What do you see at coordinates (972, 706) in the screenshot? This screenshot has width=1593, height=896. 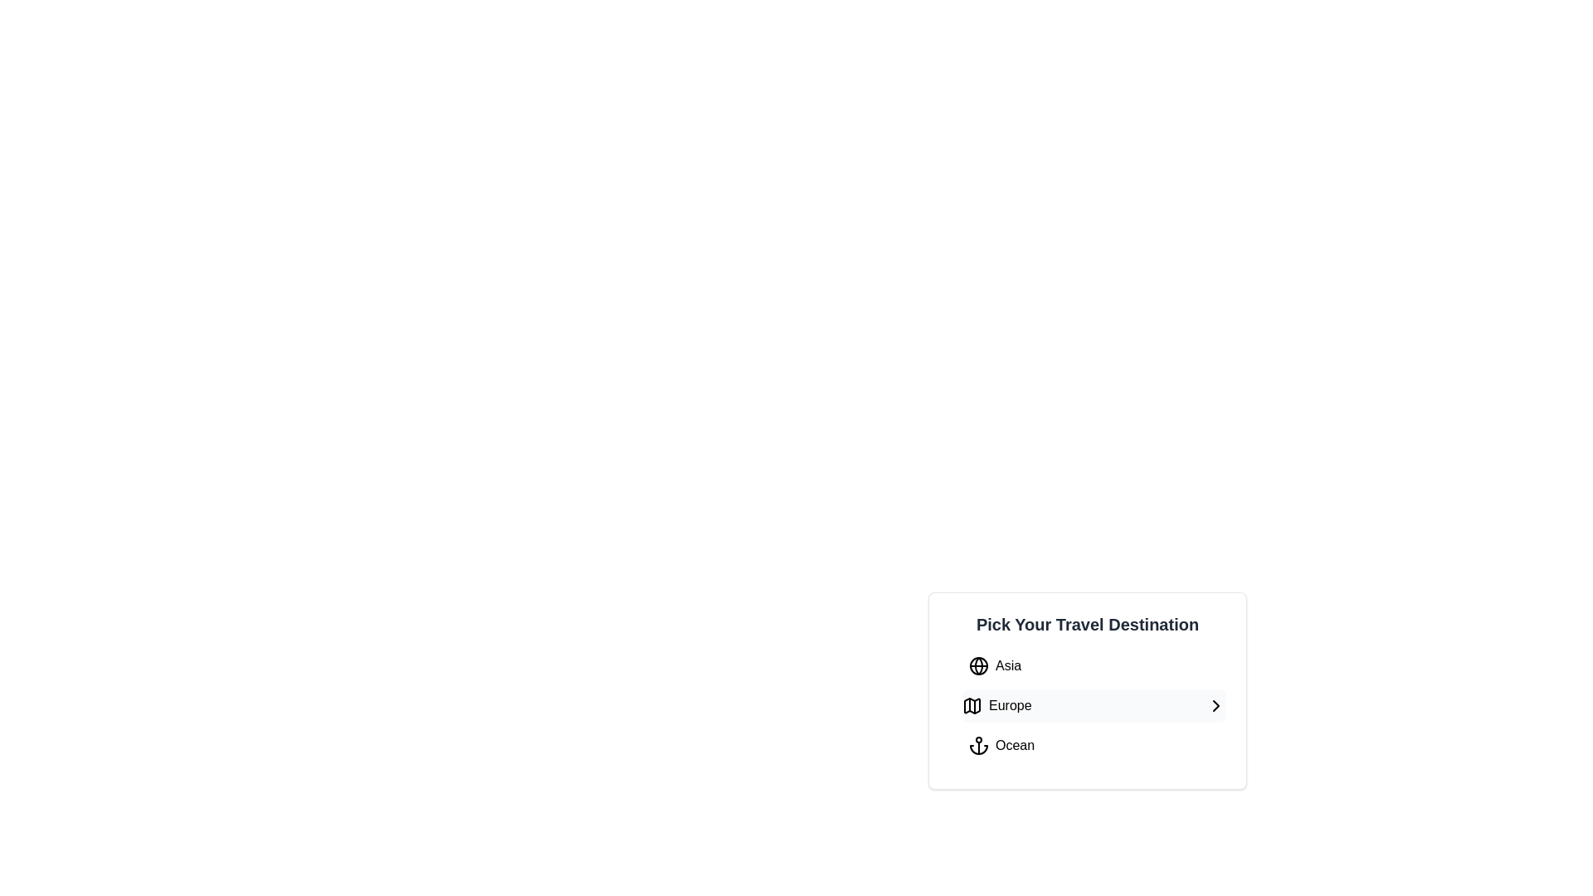 I see `the 'Europe' graphic icon in the menu` at bounding box center [972, 706].